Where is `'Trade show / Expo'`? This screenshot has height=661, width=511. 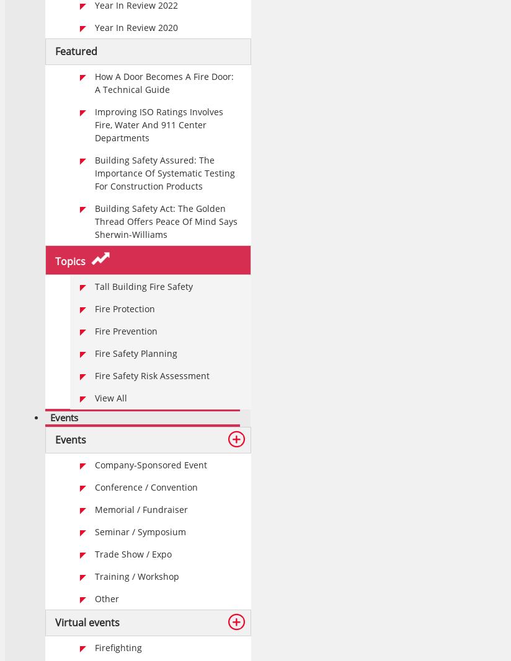
'Trade show / Expo' is located at coordinates (132, 554).